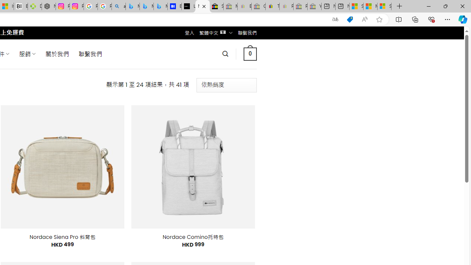 The image size is (471, 265). Describe the element at coordinates (272, 6) in the screenshot. I see `'Threats and offensive language policy | eBay'` at that location.